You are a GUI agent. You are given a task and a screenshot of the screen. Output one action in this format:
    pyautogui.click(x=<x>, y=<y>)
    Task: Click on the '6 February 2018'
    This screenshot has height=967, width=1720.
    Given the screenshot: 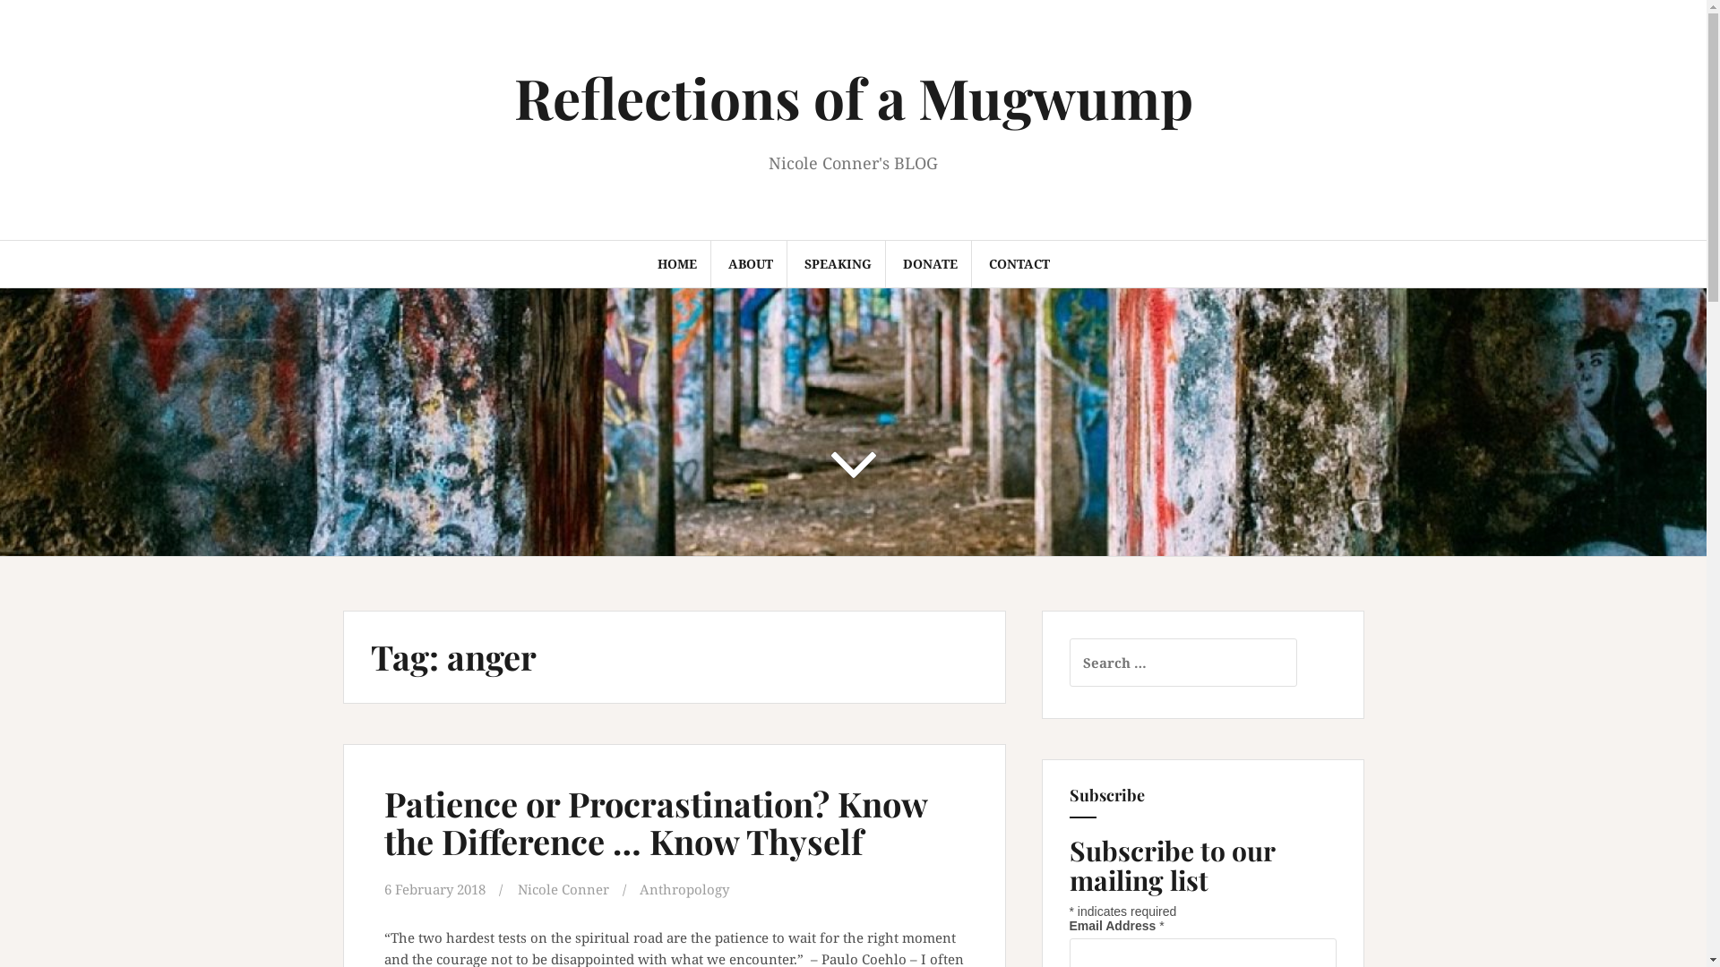 What is the action you would take?
    pyautogui.click(x=434, y=888)
    